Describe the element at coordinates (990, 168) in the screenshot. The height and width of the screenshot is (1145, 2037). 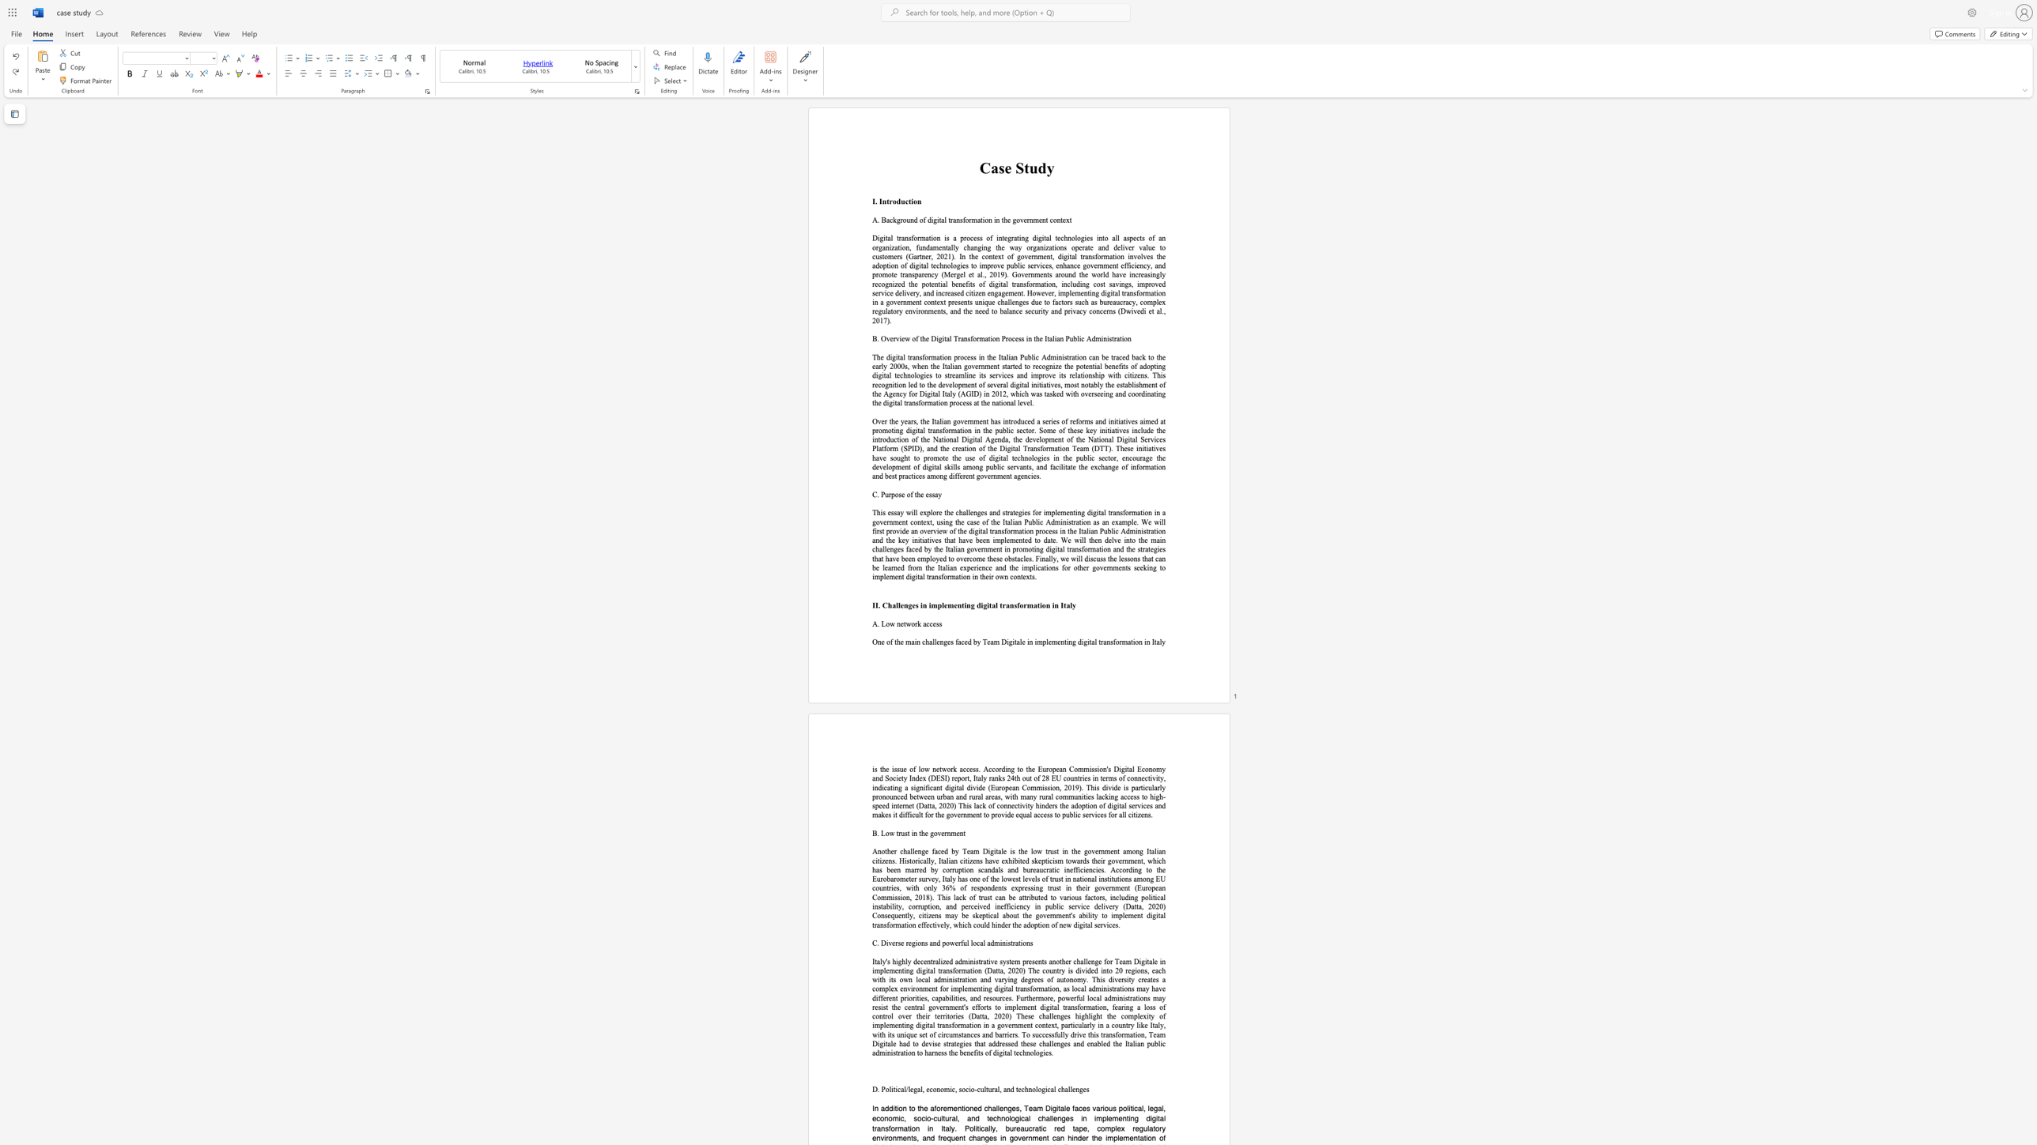
I see `the subset text "ase" within the text "Case Study"` at that location.